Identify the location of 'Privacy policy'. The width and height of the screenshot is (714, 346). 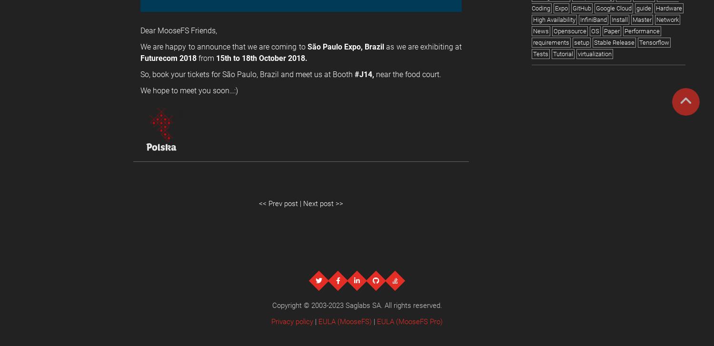
(271, 321).